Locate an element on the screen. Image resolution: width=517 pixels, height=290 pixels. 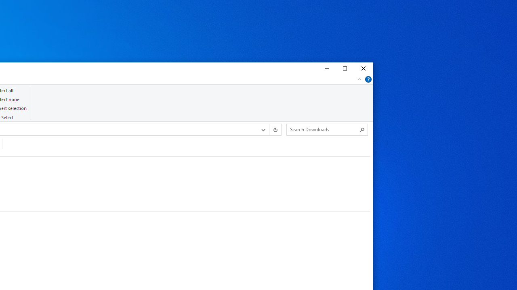
'Refresh "Downloads" (F5)' is located at coordinates (275, 129).